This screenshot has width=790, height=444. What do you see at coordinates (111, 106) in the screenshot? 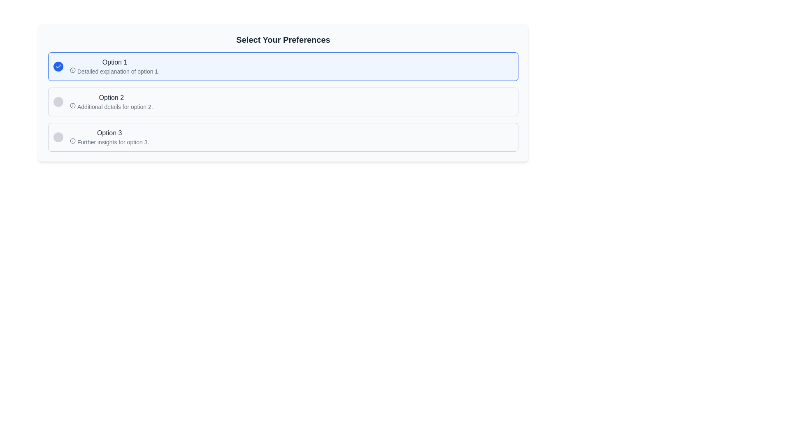
I see `the text label reading 'Additional details for option 2' styled in gray color, which is aligned to the left and positioned below the title text of 'Option 2'` at bounding box center [111, 106].